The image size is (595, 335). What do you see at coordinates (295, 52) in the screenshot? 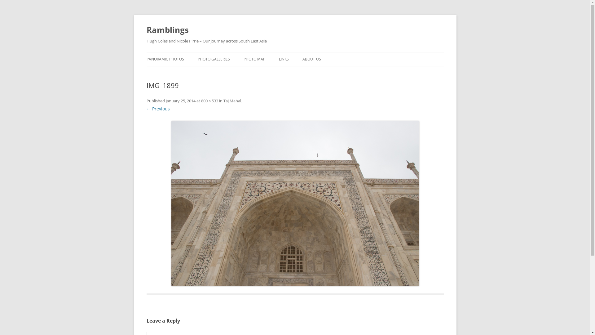
I see `'Skip to content'` at bounding box center [295, 52].